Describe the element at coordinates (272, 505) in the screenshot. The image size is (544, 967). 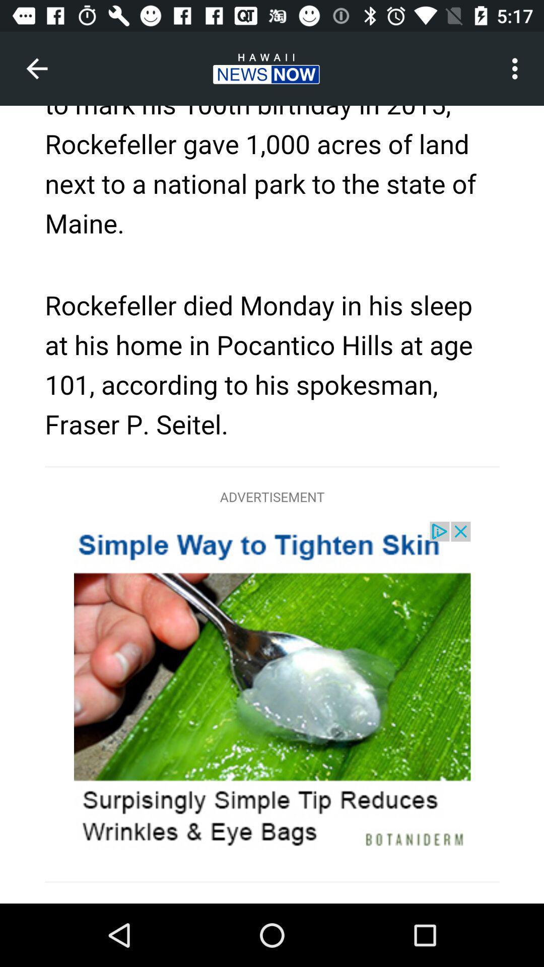
I see `advertisement` at that location.